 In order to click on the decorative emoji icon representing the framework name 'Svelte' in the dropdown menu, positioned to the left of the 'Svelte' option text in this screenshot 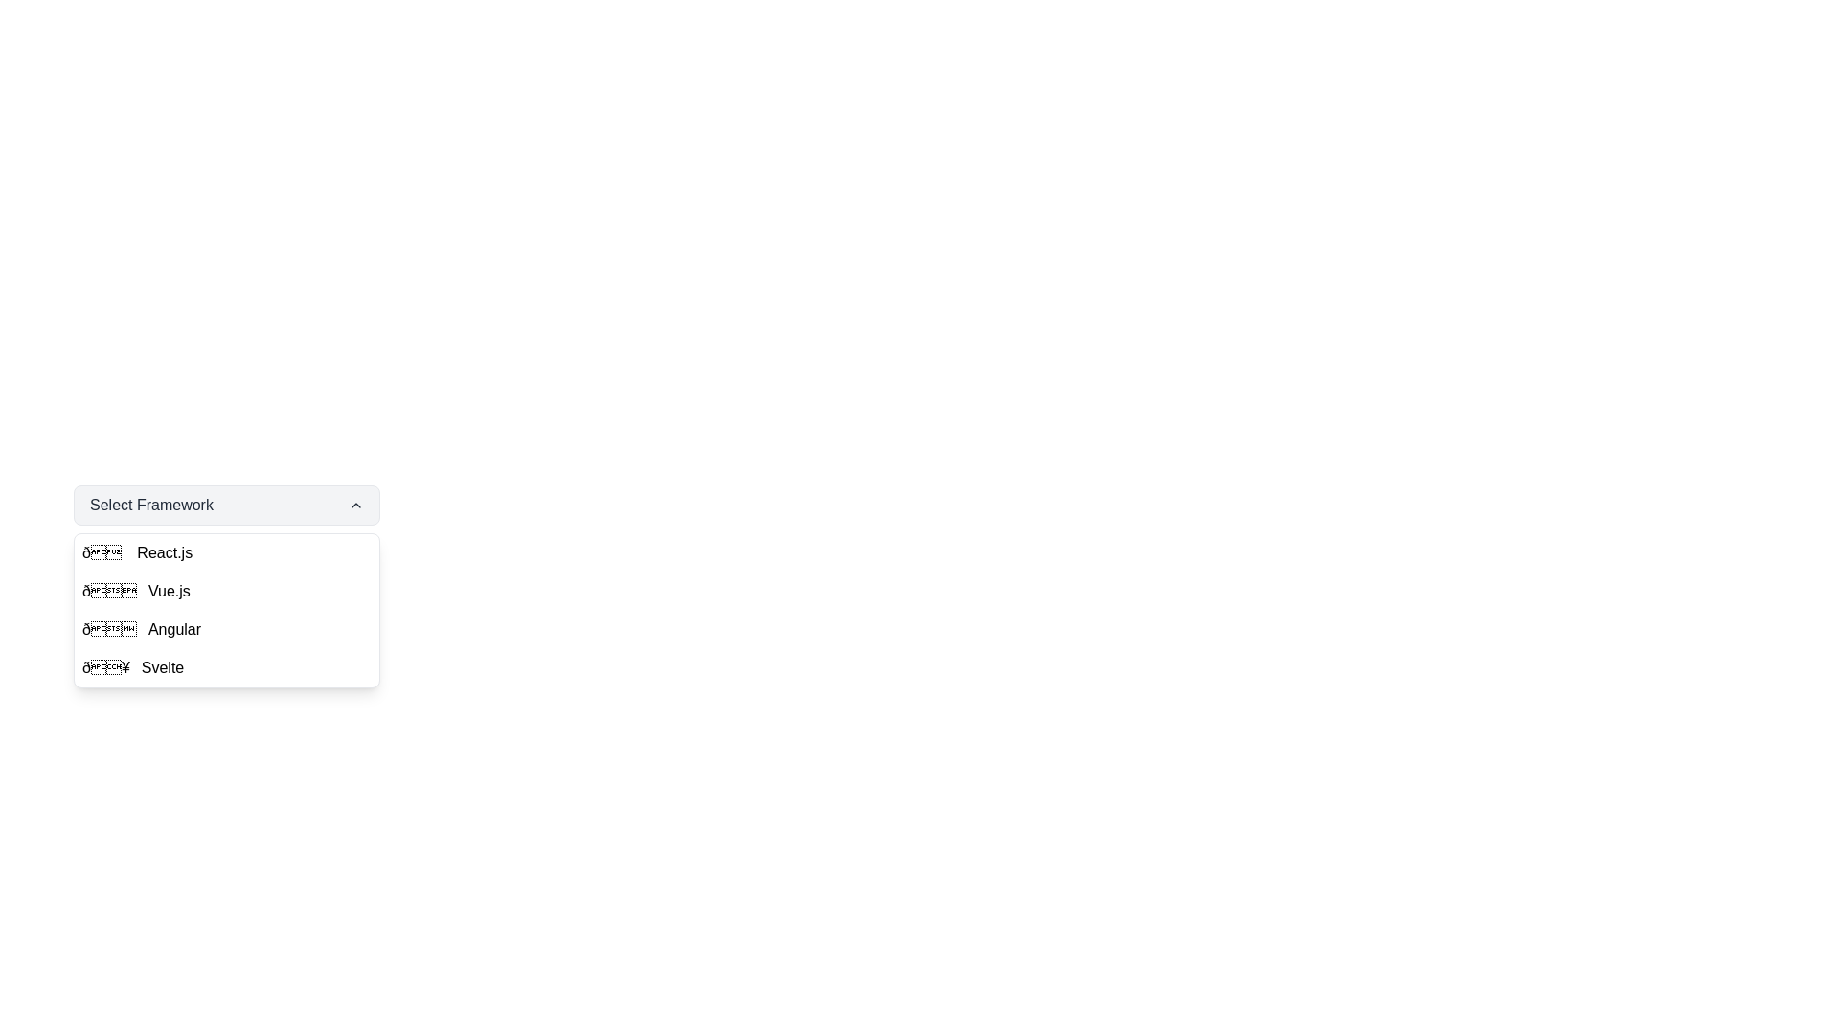, I will do `click(104, 667)`.